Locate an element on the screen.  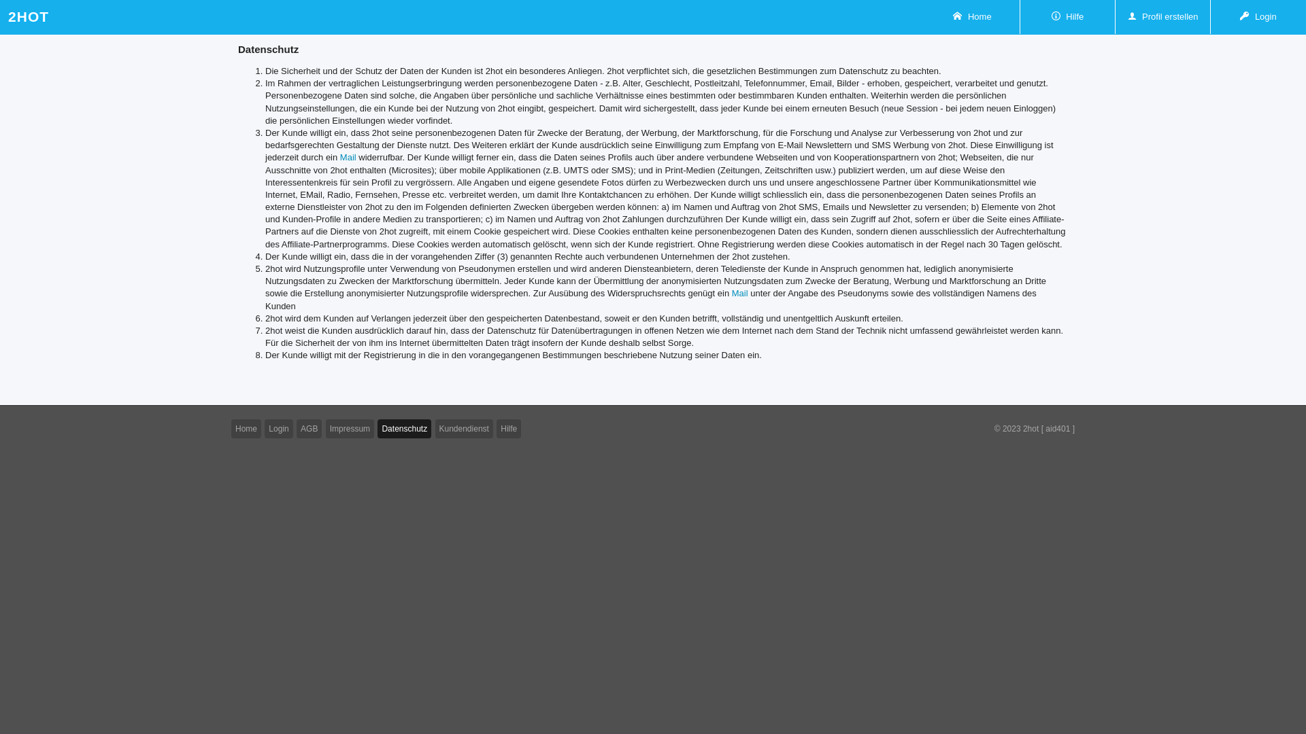
'Datenschutz' is located at coordinates (403, 428).